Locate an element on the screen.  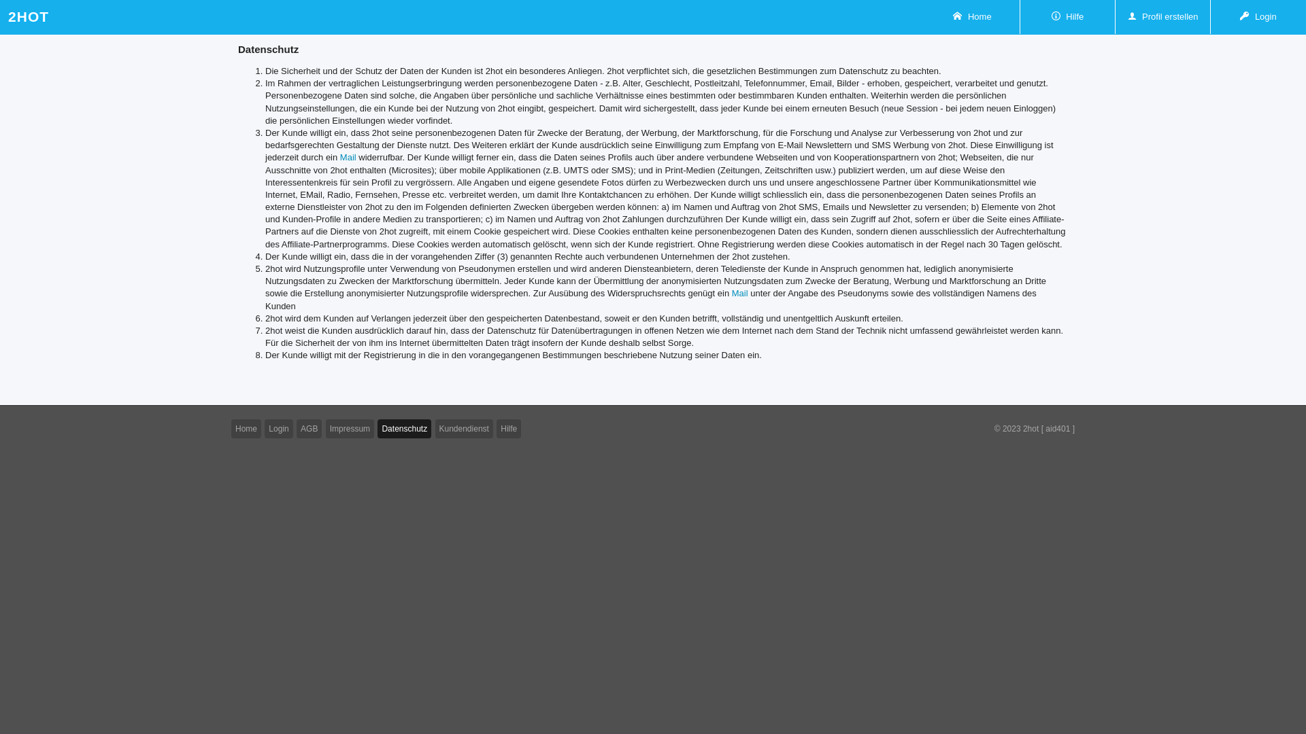
'Datenschutz' is located at coordinates (403, 428).